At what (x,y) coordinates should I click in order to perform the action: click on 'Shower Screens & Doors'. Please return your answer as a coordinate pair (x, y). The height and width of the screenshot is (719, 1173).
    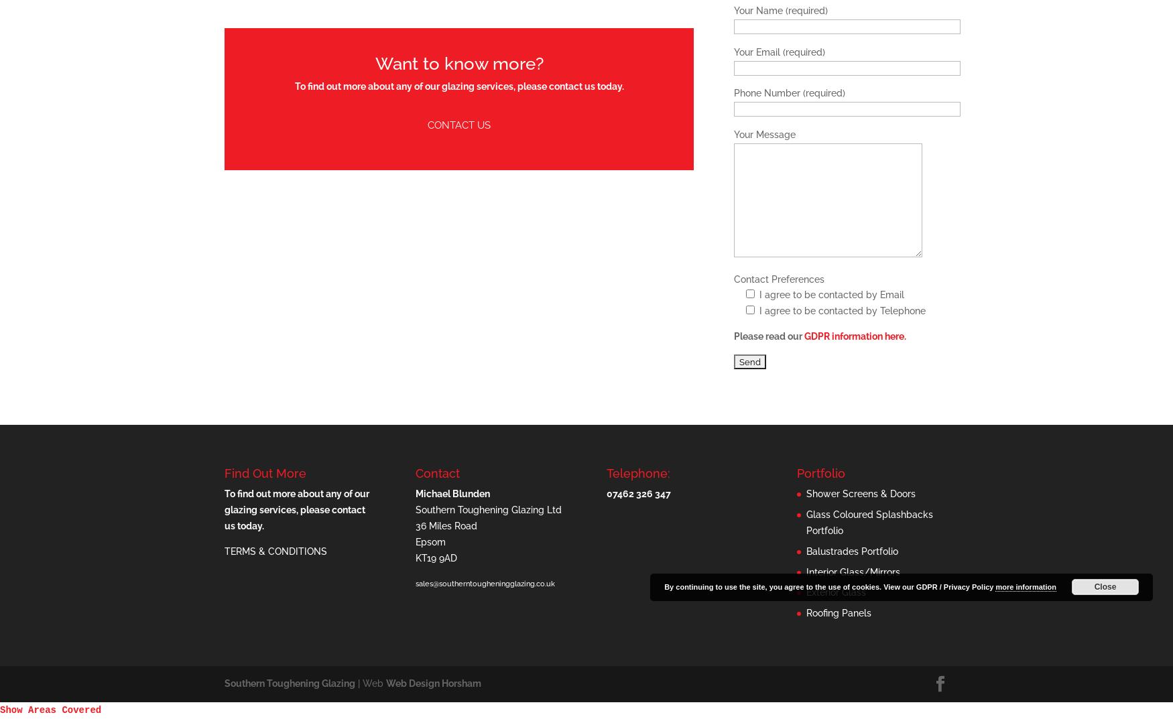
    Looking at the image, I should click on (860, 493).